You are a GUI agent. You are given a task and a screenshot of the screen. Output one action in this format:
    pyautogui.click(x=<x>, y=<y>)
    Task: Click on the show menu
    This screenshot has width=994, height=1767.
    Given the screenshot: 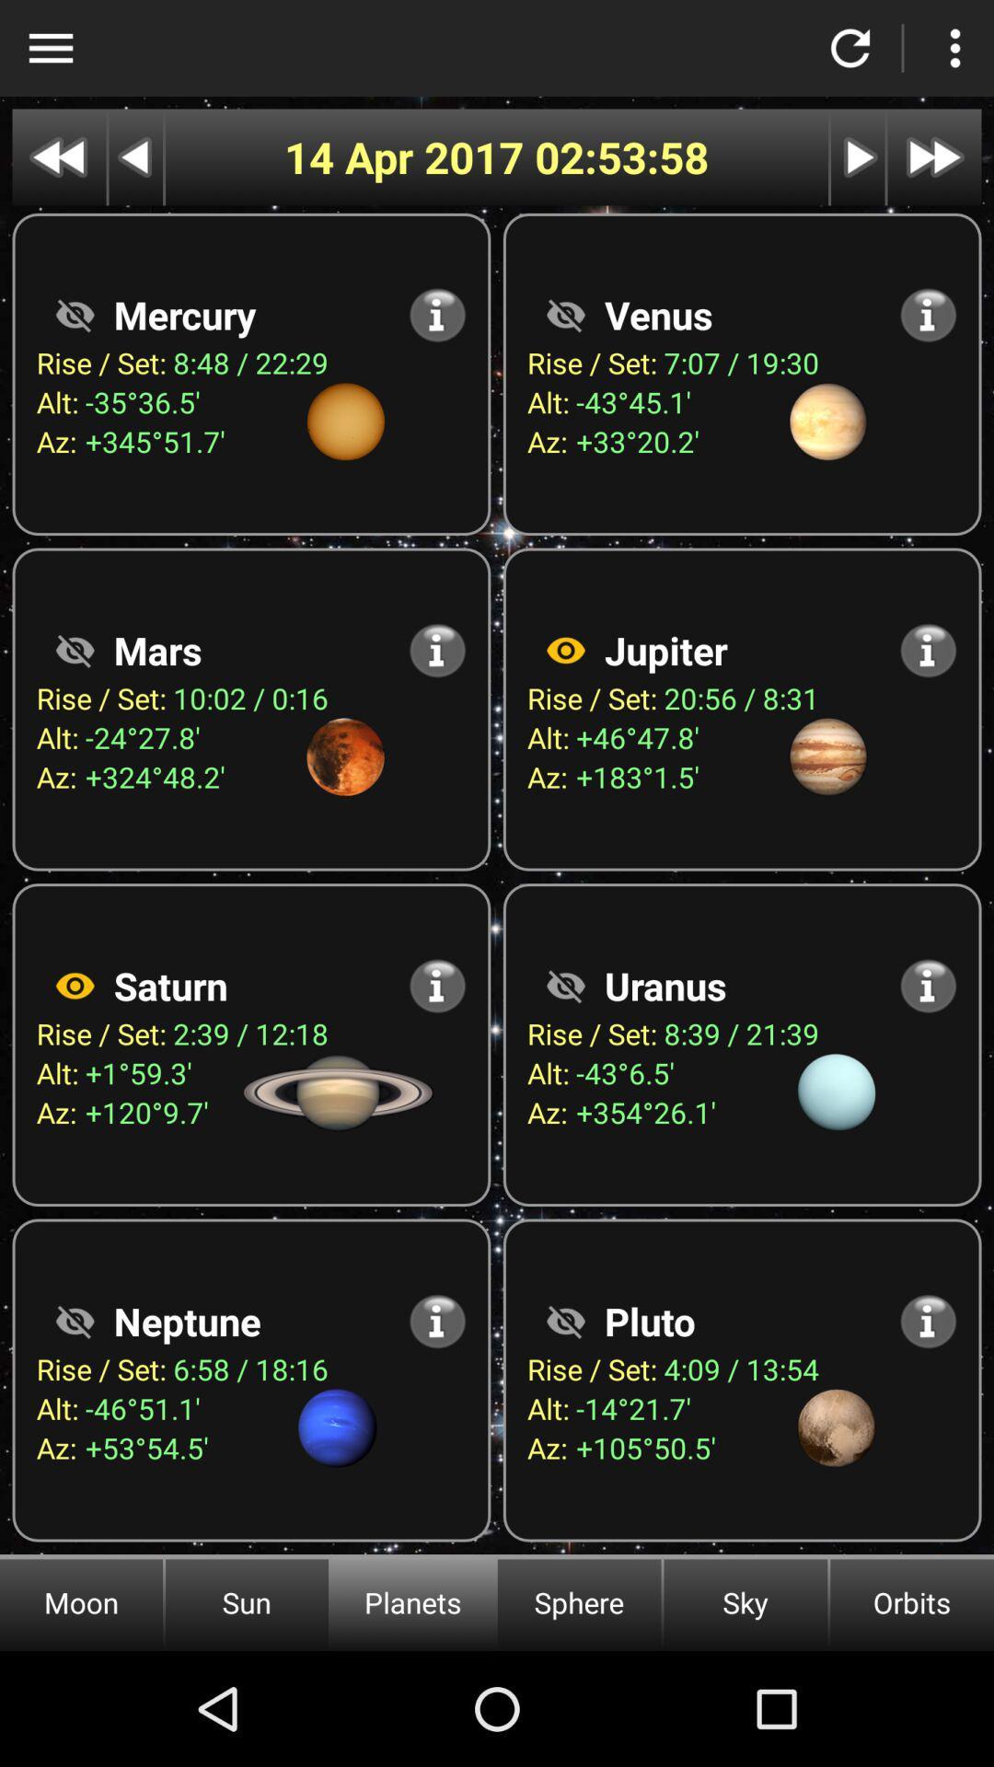 What is the action you would take?
    pyautogui.click(x=50, y=48)
    